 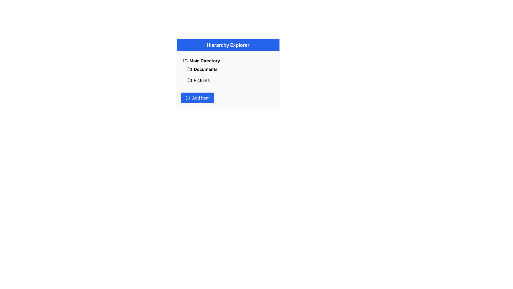 I want to click on the graphical representation of the folder icon located to the left of the 'Main Directory' text in the hierarchy explorer, so click(x=185, y=60).